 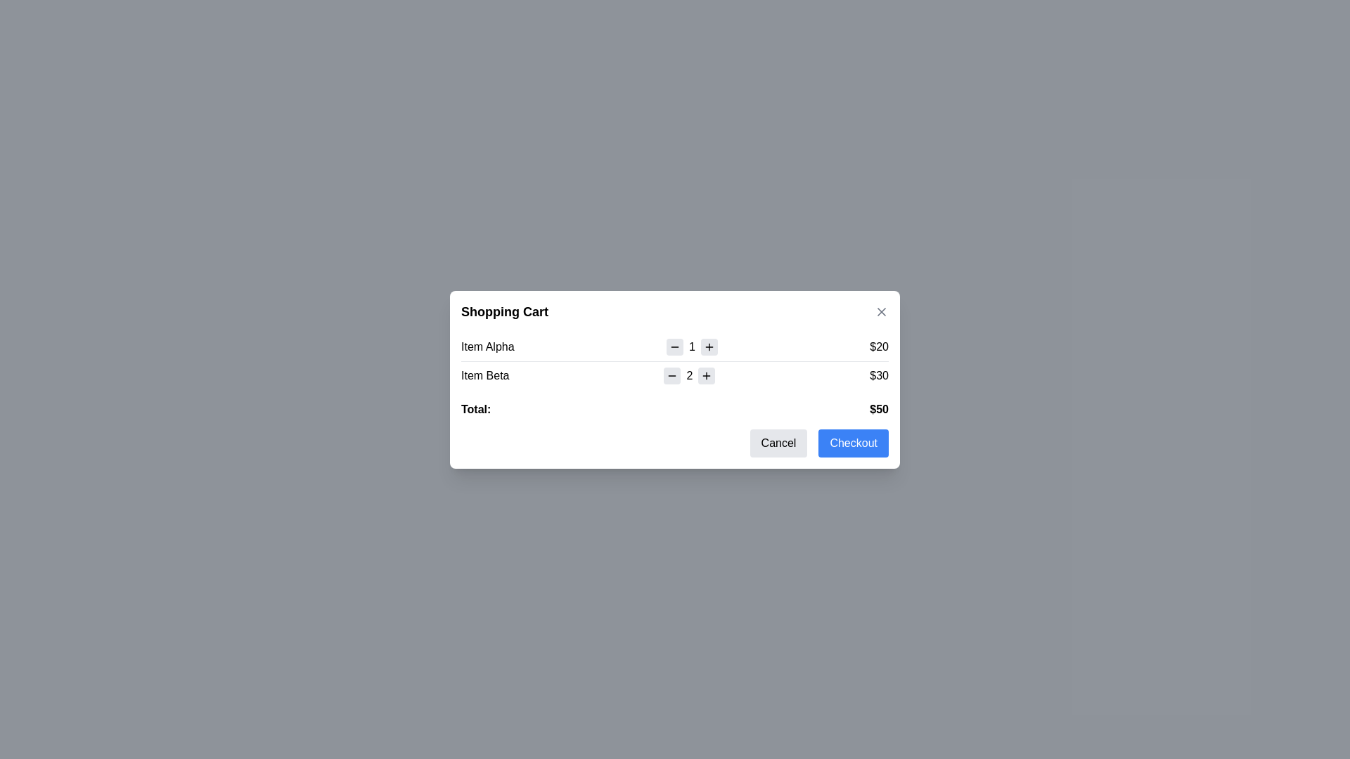 What do you see at coordinates (675, 379) in the screenshot?
I see `item details and total price from the shopping cart modal dialog, which is centrally positioned and includes item listings and a total summary` at bounding box center [675, 379].